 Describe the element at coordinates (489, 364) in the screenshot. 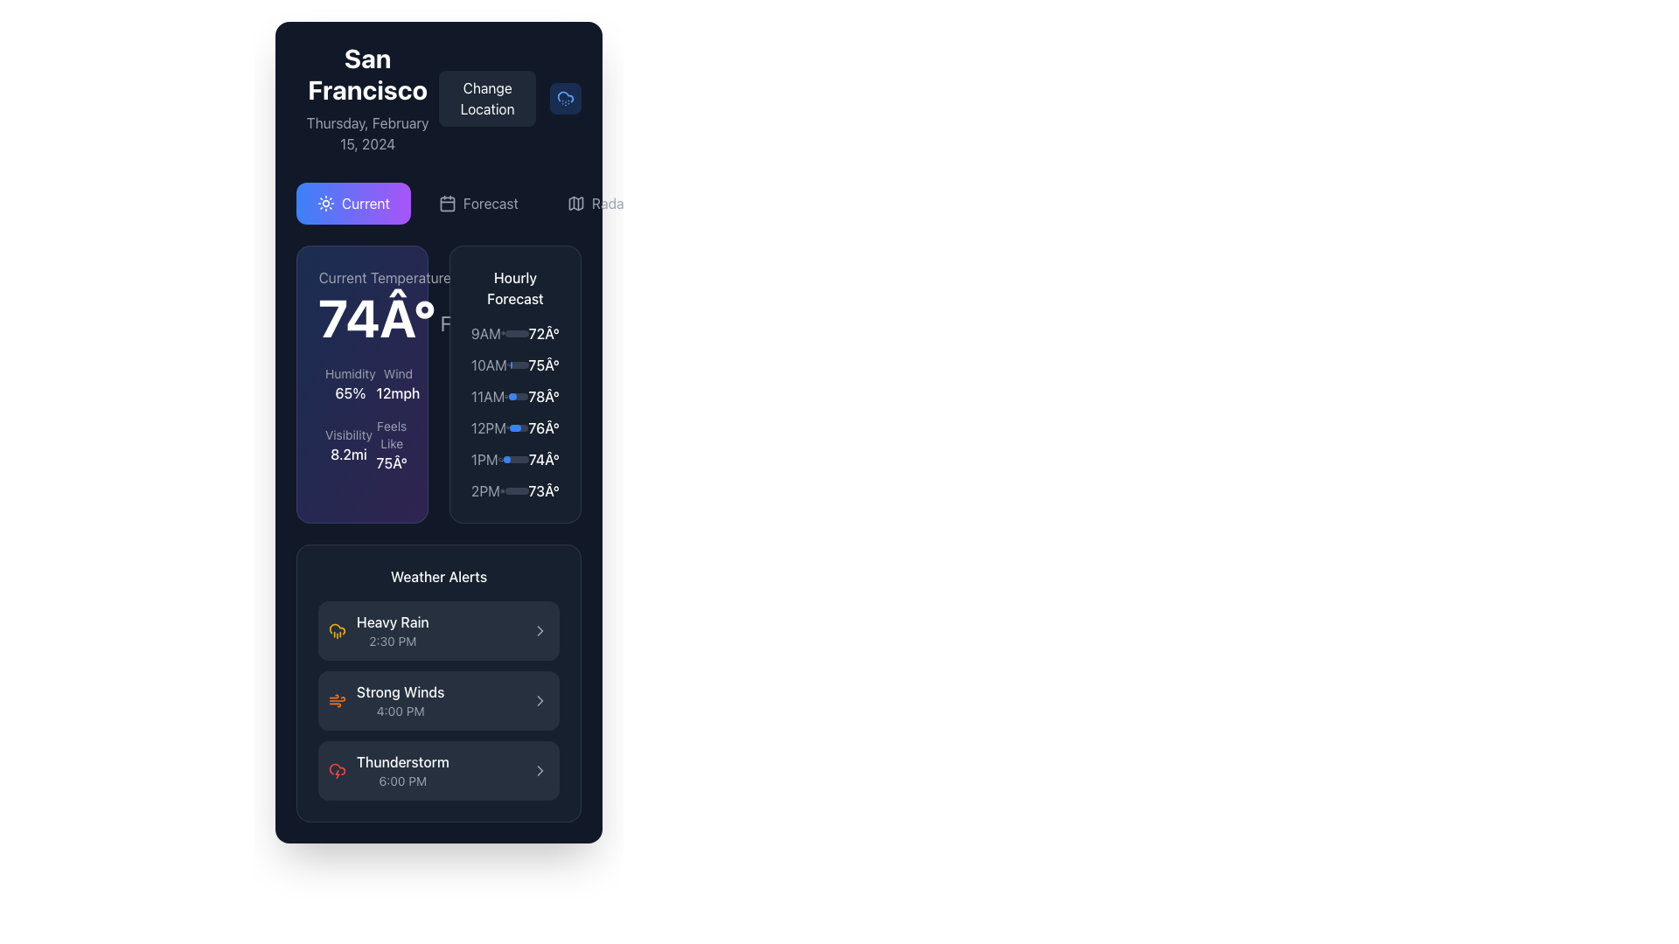

I see `the Text label that displays the time of the hourly forecast, located in the second row of the hourly forecast list, below '9AM 72°' and above '11AM 78°'` at that location.